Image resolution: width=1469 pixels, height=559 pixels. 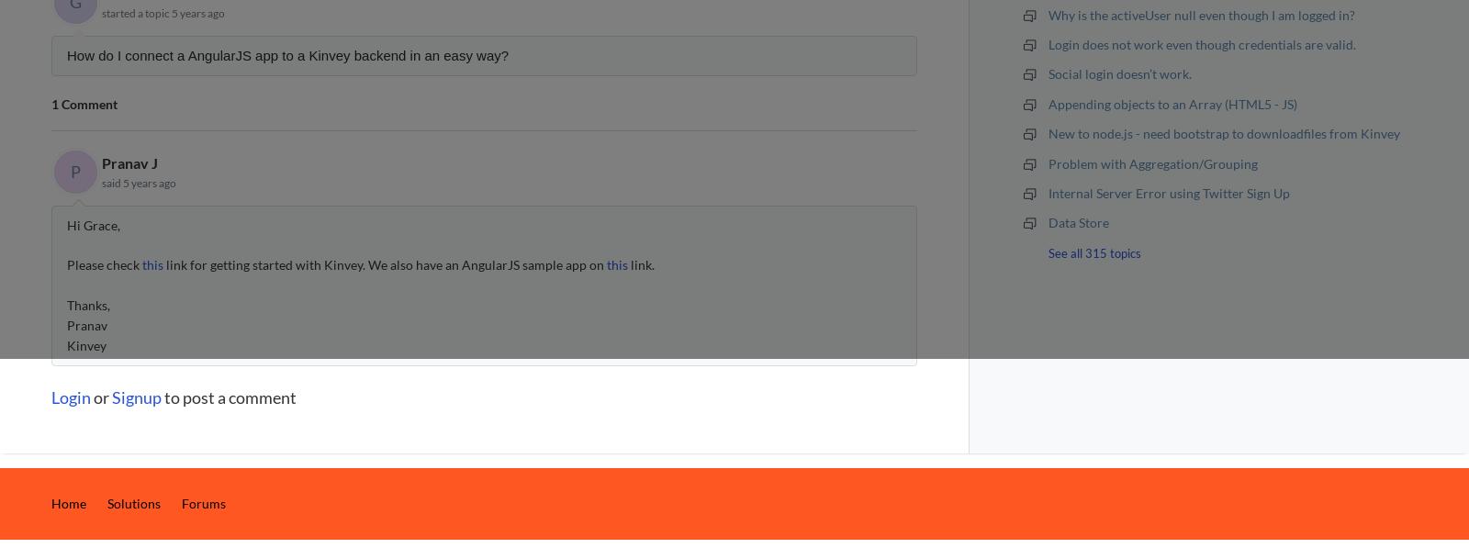 What do you see at coordinates (180, 503) in the screenshot?
I see `'Forums'` at bounding box center [180, 503].